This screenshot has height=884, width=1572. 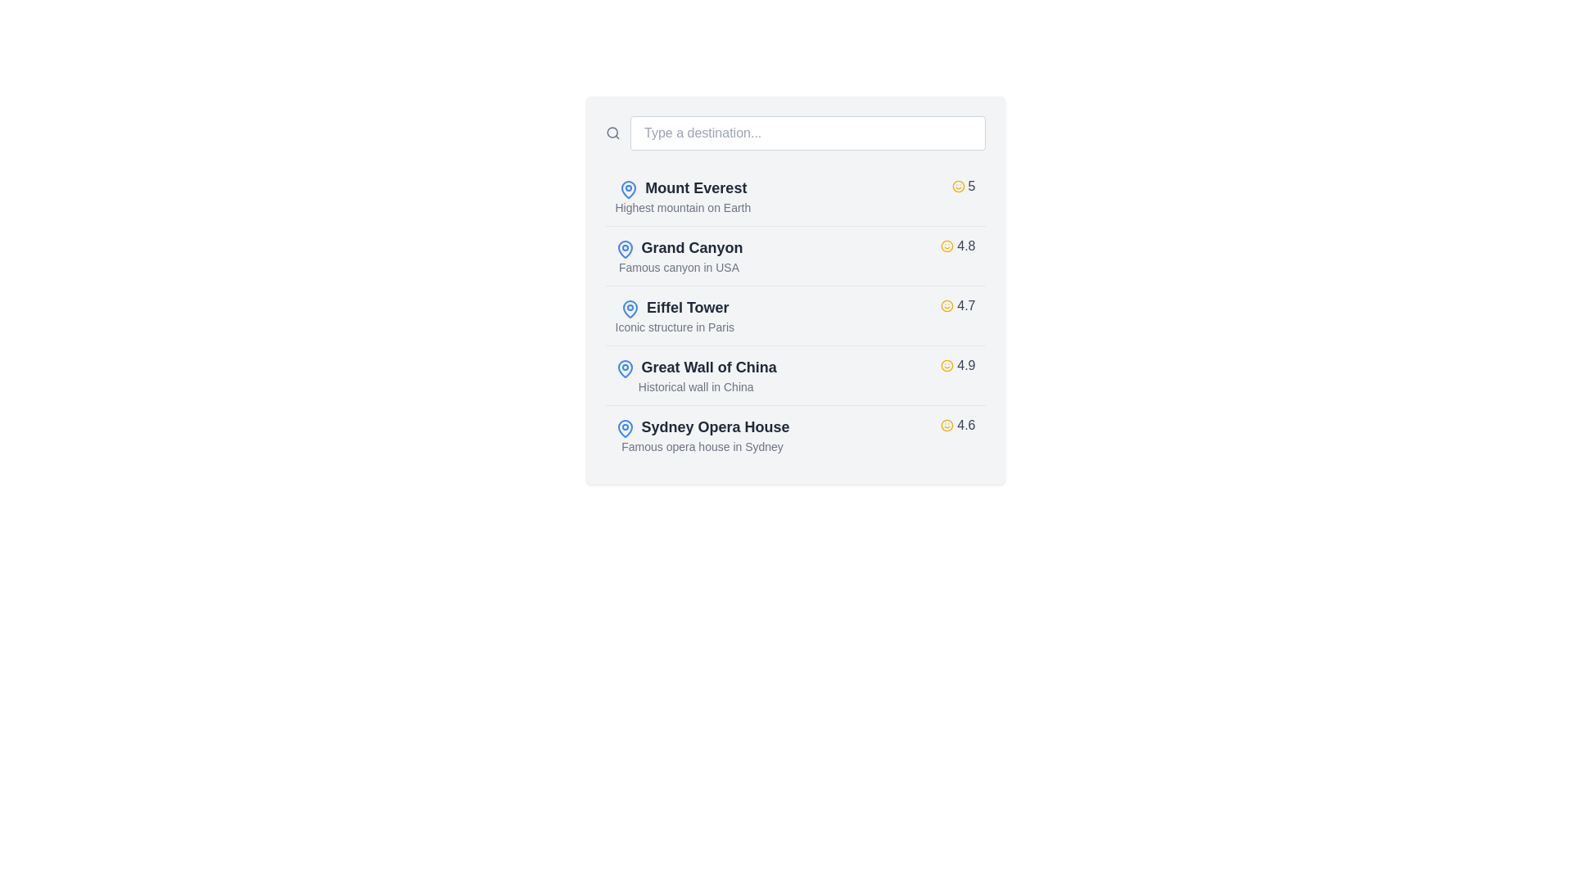 I want to click on the text label displaying '4.8', which is styled in gray and positioned next to a smiley face icon, indicating a rating for 'Grand Canyon', so click(x=966, y=246).